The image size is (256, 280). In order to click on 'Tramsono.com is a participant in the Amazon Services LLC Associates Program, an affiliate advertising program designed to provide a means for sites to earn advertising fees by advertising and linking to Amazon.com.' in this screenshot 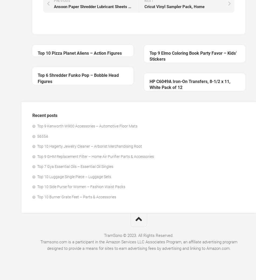, I will do `click(40, 245)`.